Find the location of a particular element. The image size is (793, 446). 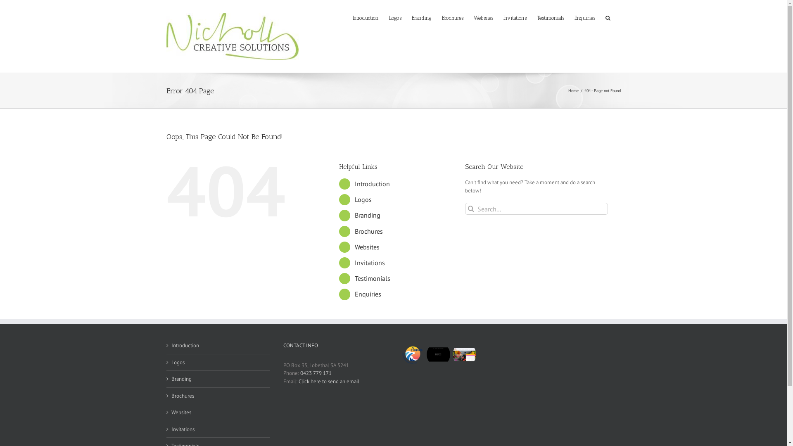

'Brochures' is located at coordinates (355, 231).